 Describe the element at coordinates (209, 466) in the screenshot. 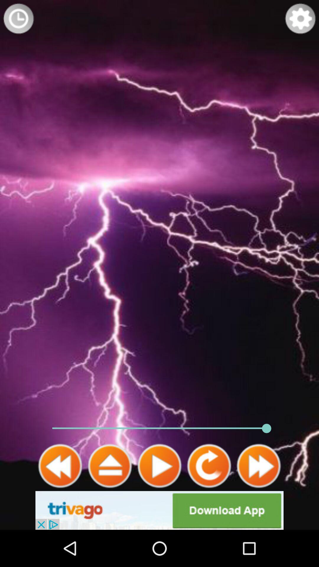

I see `repeat option` at that location.